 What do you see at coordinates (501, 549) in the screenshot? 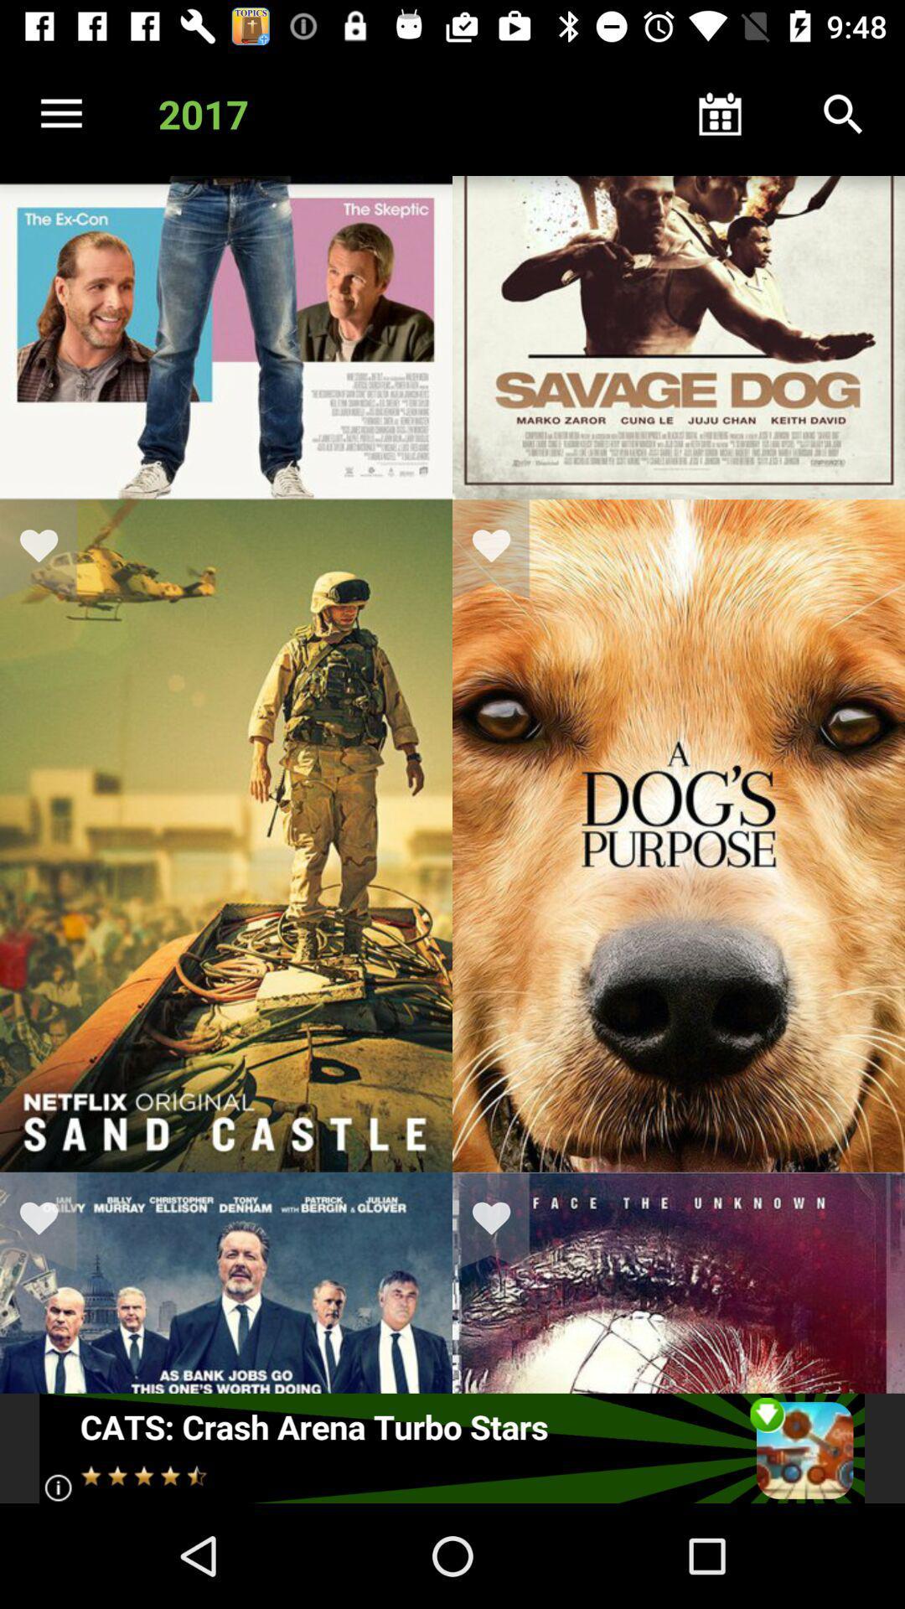
I see `to favorites` at bounding box center [501, 549].